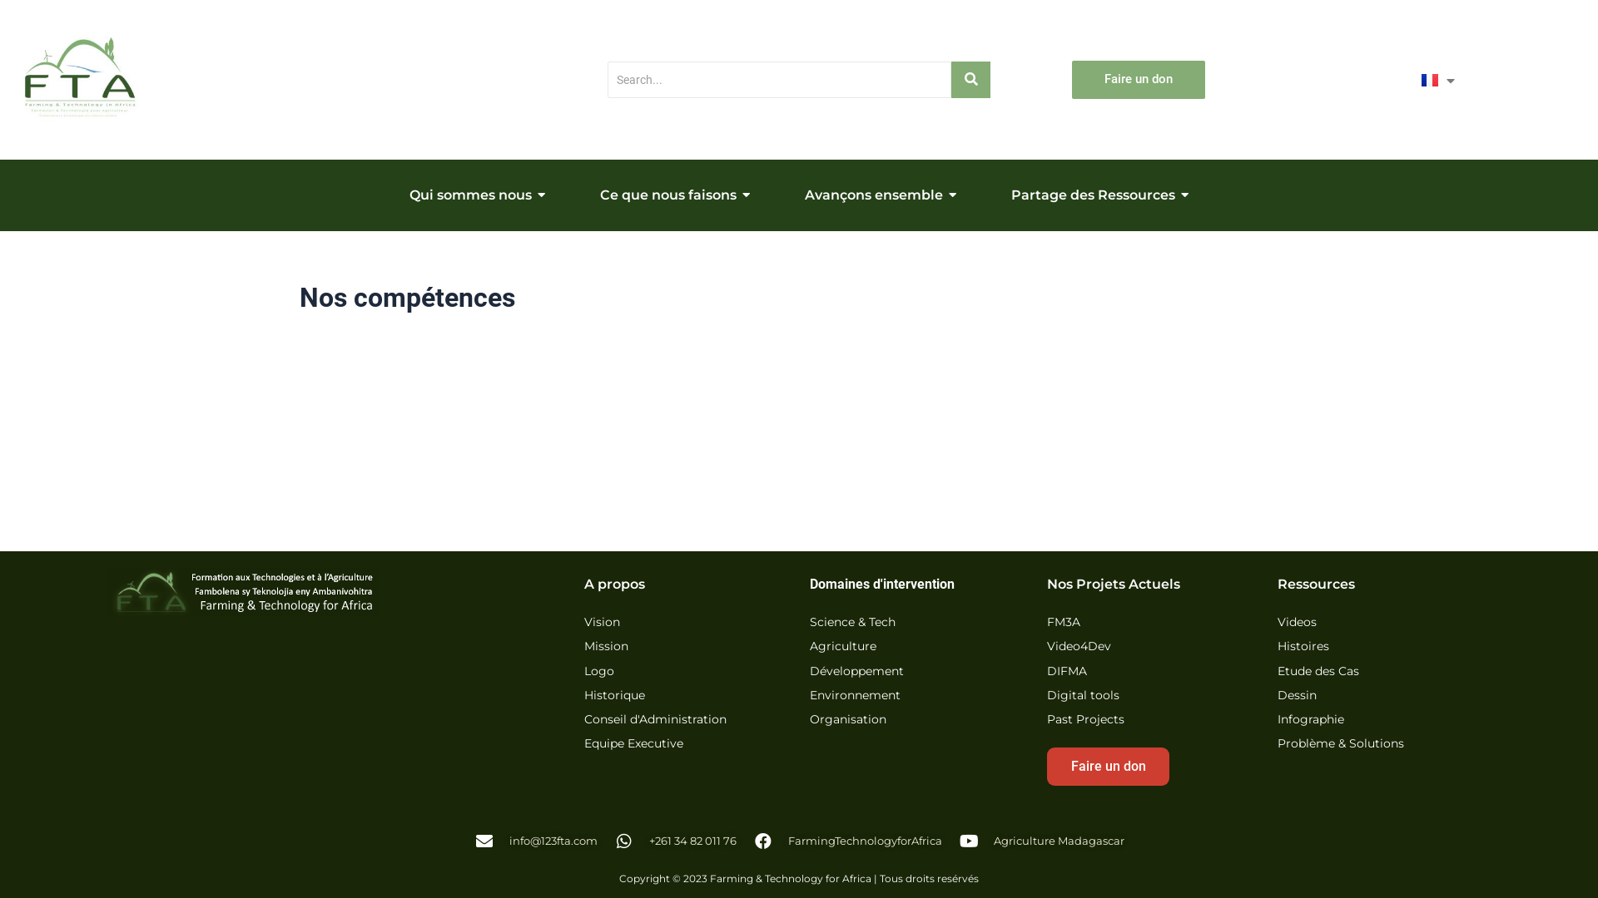 The height and width of the screenshot is (898, 1598). Describe the element at coordinates (1066, 671) in the screenshot. I see `'DIFMA'` at that location.